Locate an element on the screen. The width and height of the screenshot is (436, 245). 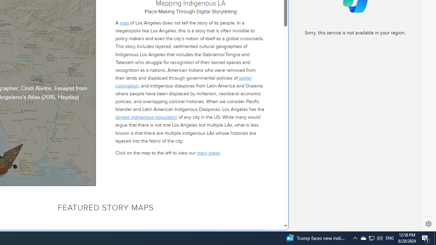
'story maps' is located at coordinates (208, 152).